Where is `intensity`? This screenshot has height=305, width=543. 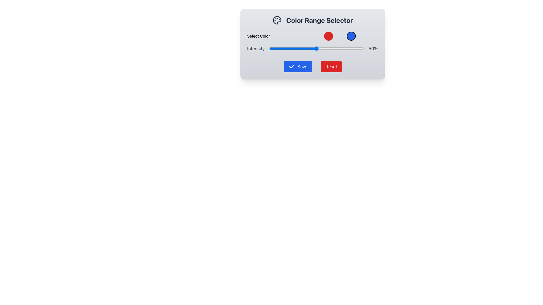 intensity is located at coordinates (354, 48).